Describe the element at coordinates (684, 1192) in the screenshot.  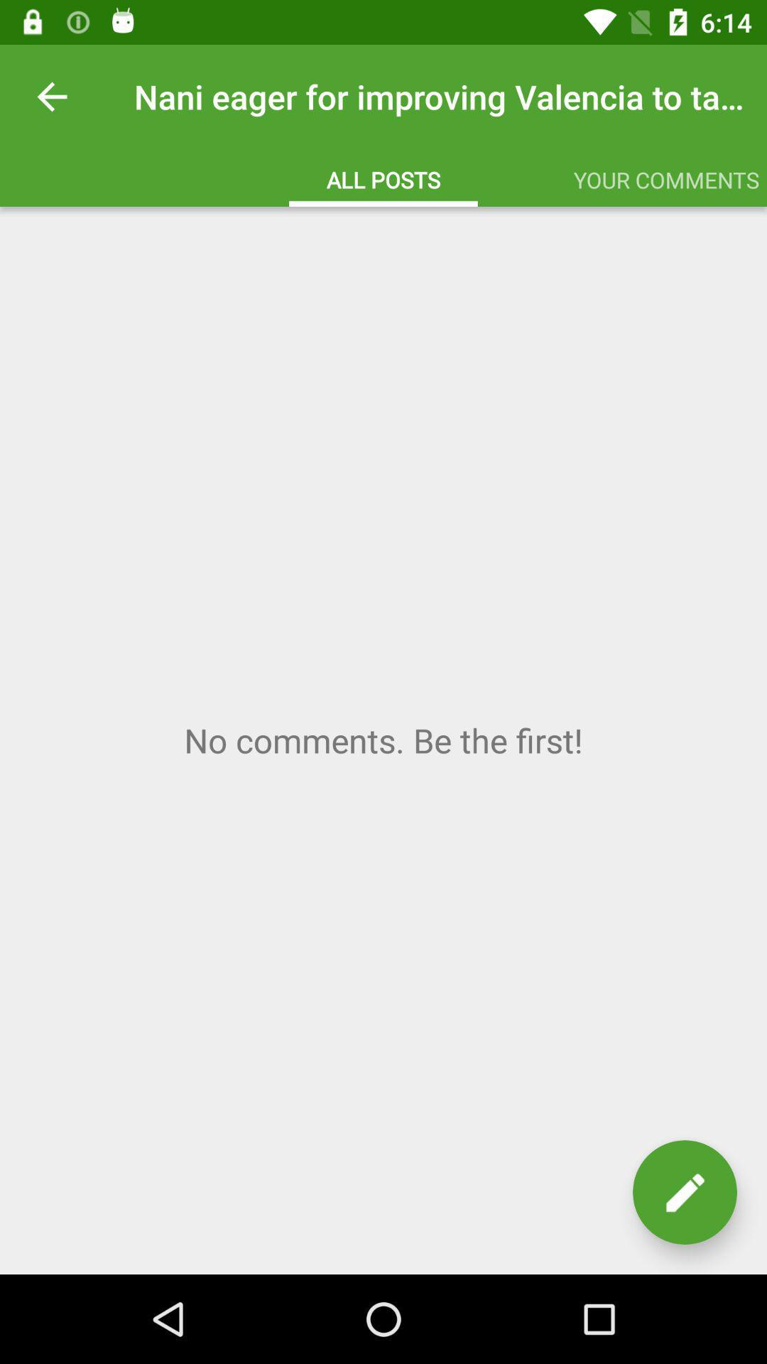
I see `new post` at that location.